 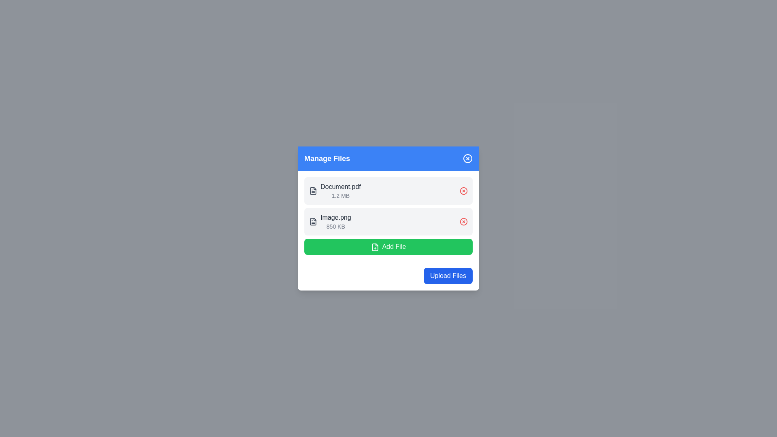 I want to click on the 'Manage Files' text label, which is prominently displayed in white on the blue header bar of the file management panel, so click(x=327, y=159).